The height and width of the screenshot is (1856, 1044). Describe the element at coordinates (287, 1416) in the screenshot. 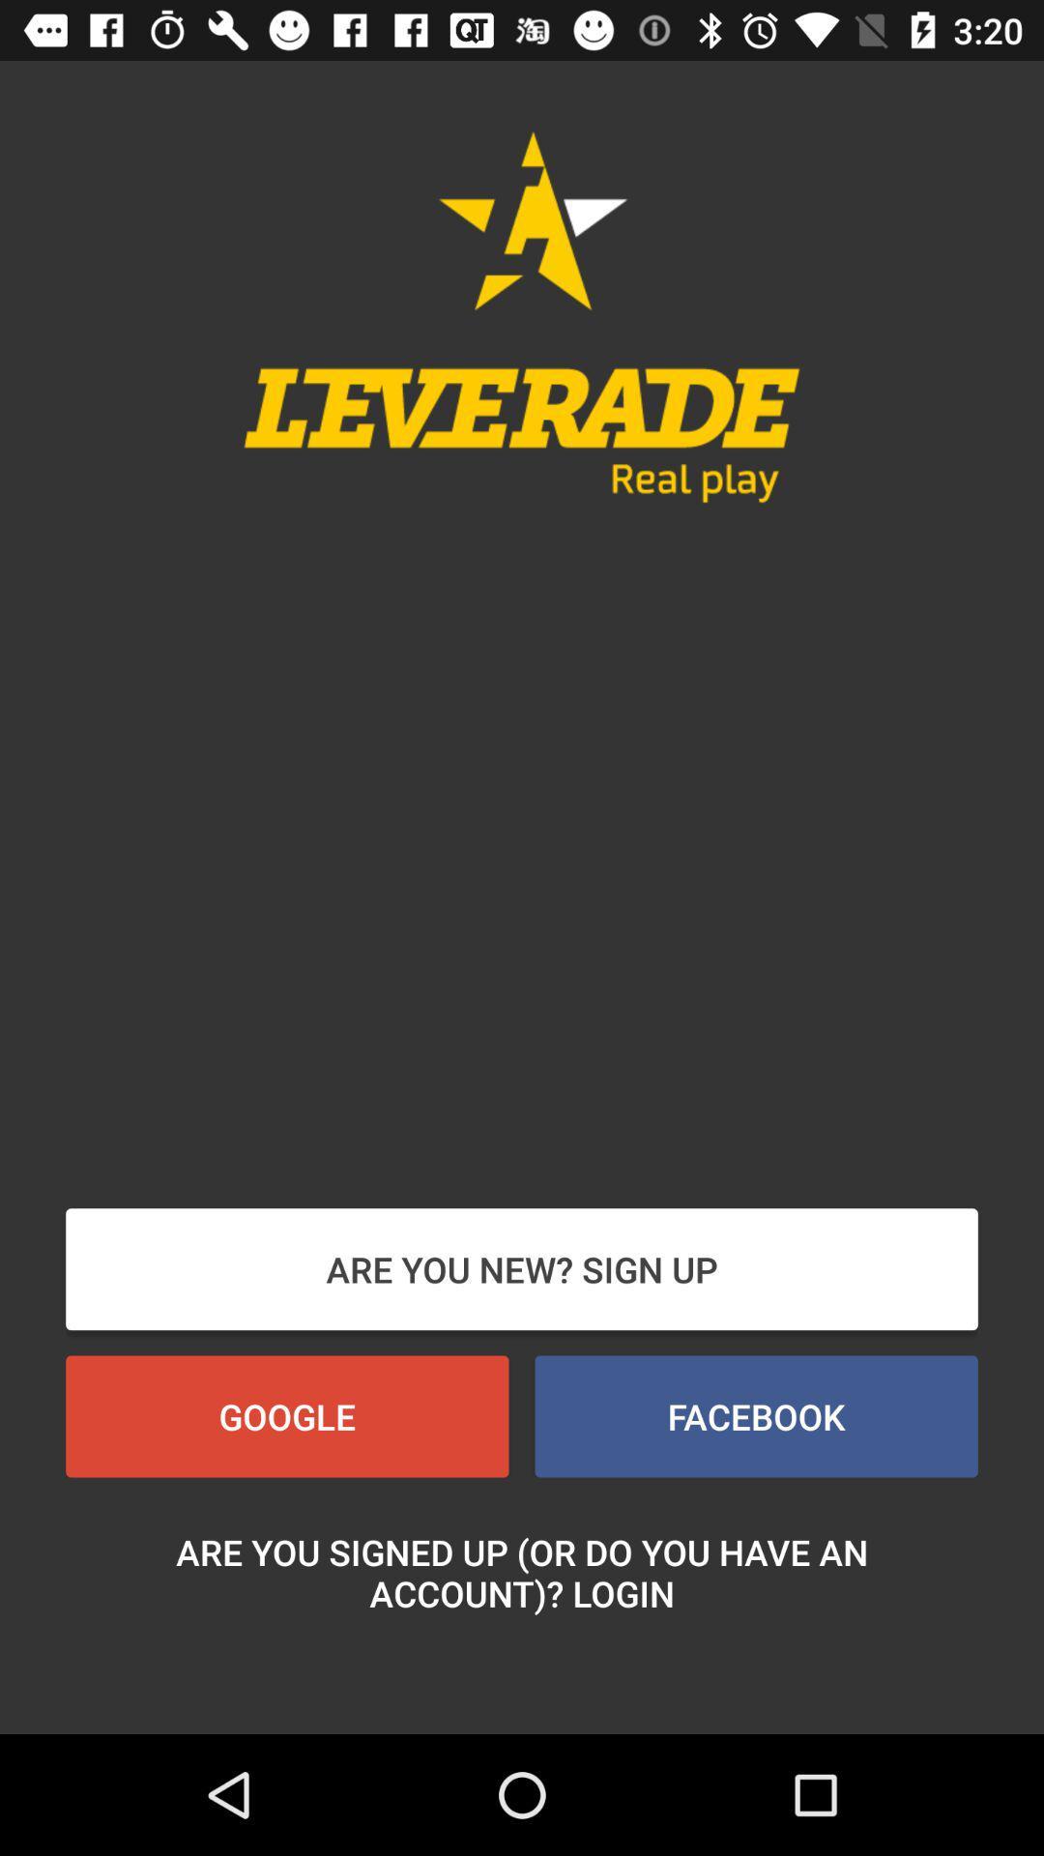

I see `the button below the are you new button` at that location.